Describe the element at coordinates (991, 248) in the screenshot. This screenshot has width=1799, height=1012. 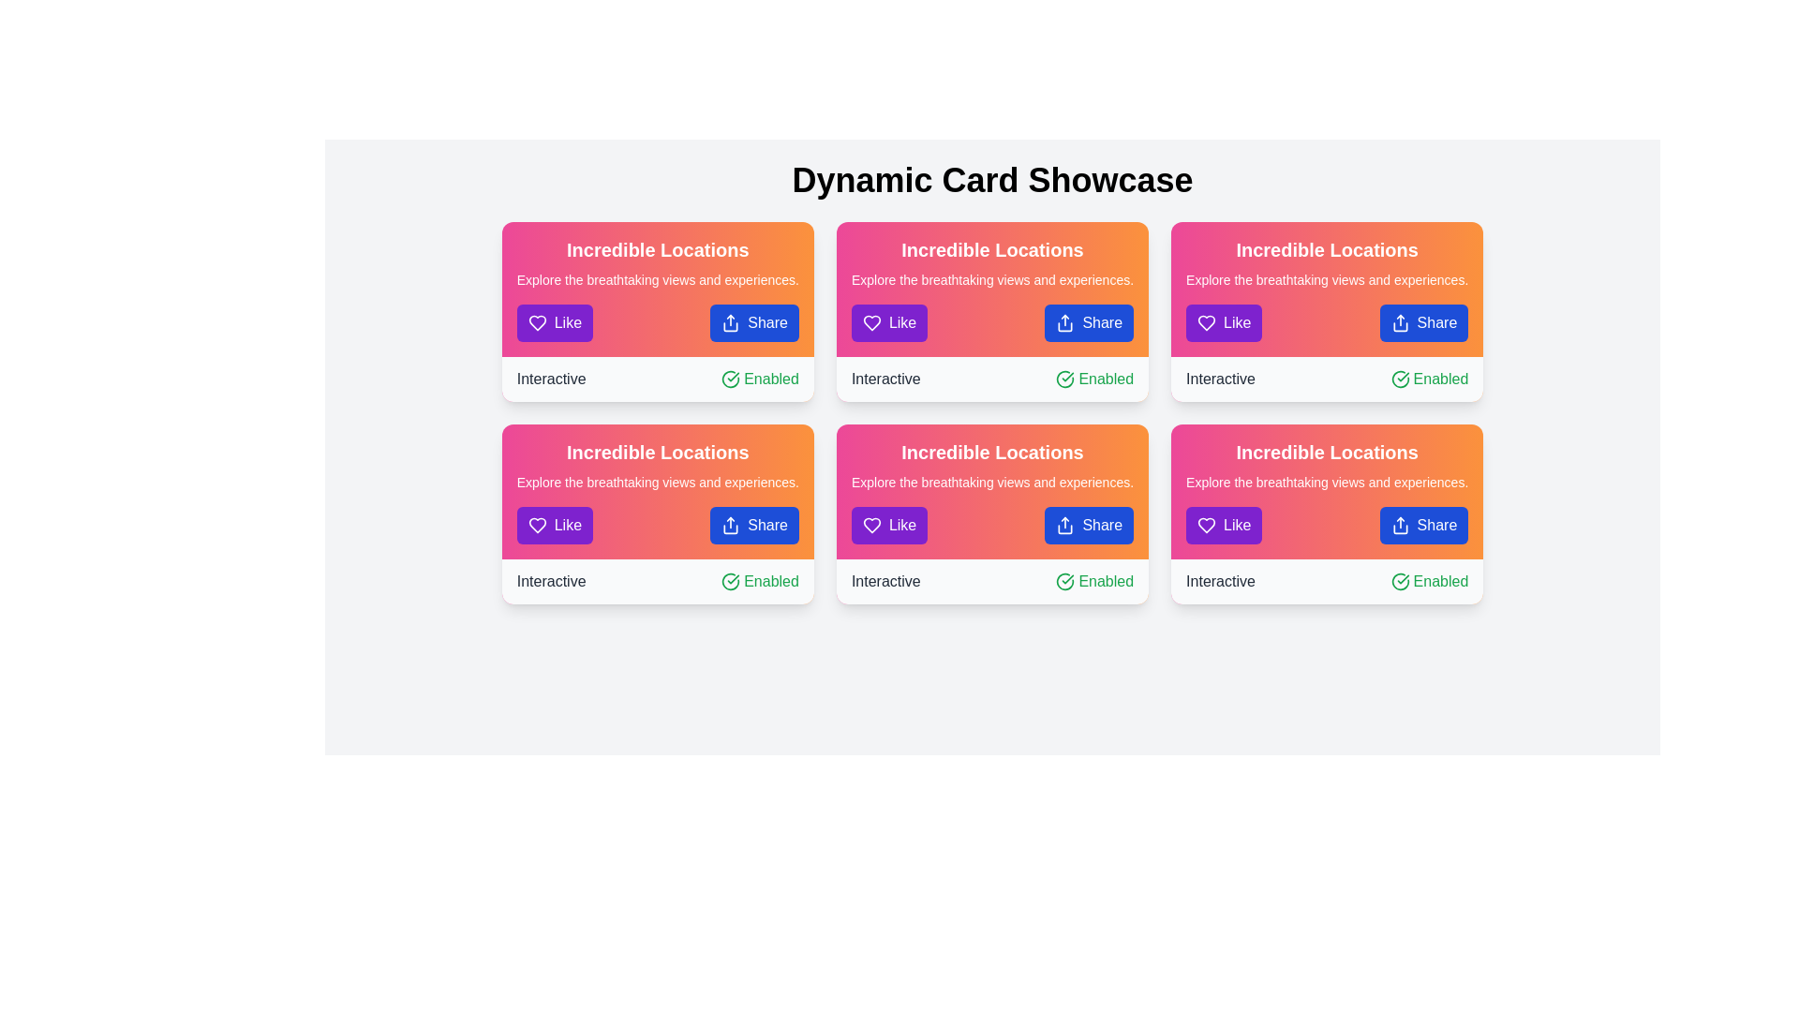
I see `the title text element located at the top section of the card, which summarizes the card's content and is centrally aligned above the descriptive text` at that location.